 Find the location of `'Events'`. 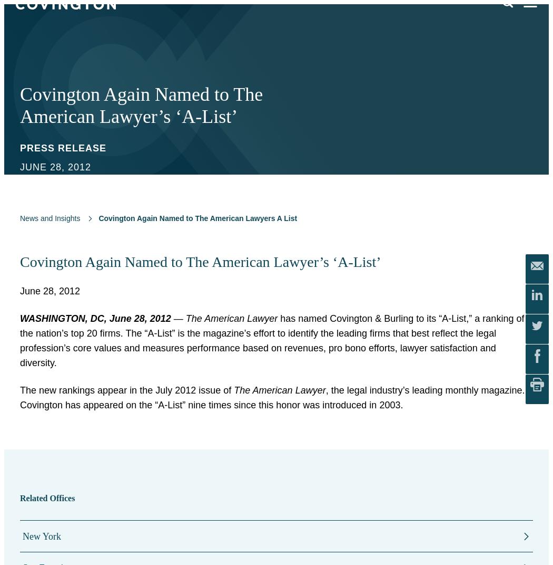

'Events' is located at coordinates (28, 299).